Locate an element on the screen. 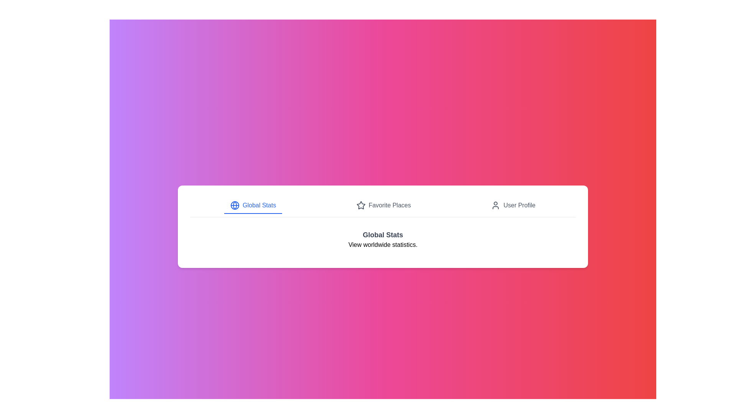 Image resolution: width=736 pixels, height=414 pixels. the star-shaped icon associated with 'Favorite Places' is located at coordinates (360, 205).